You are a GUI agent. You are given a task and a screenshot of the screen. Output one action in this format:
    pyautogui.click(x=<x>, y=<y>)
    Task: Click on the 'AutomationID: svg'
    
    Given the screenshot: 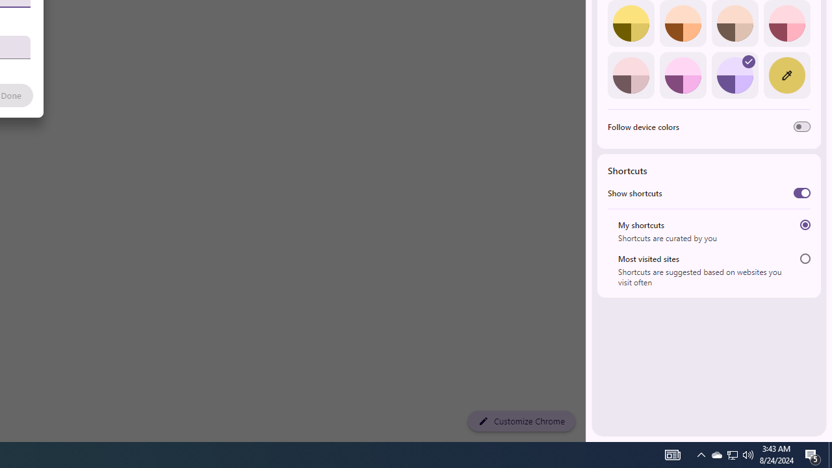 What is the action you would take?
    pyautogui.click(x=749, y=62)
    